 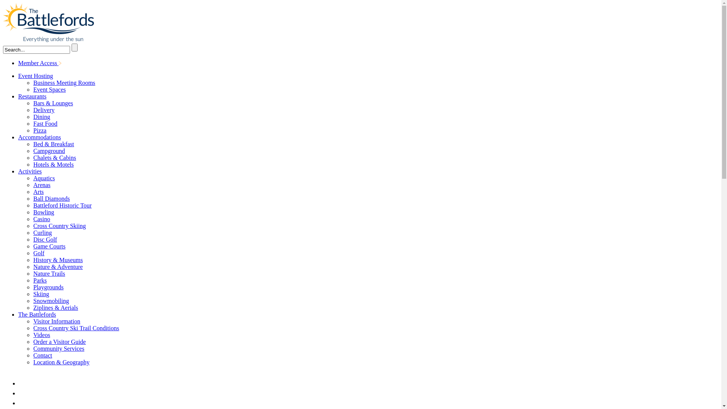 What do you see at coordinates (58, 259) in the screenshot?
I see `'History & Museums'` at bounding box center [58, 259].